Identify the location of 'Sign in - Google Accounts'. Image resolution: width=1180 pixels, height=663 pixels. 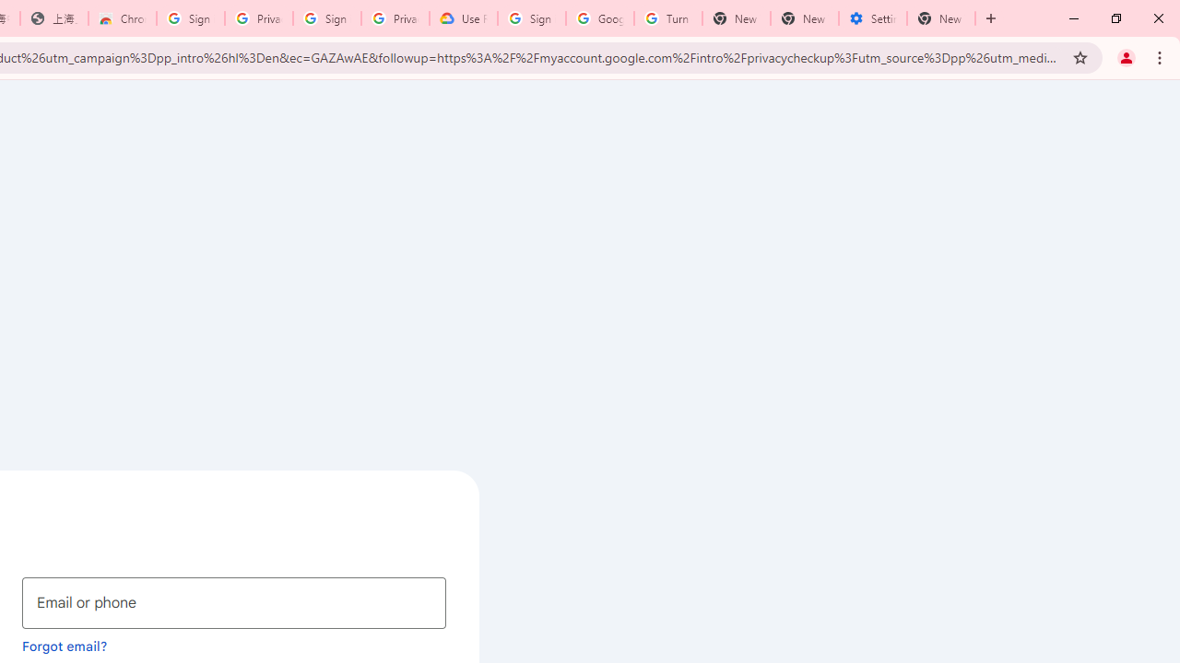
(531, 18).